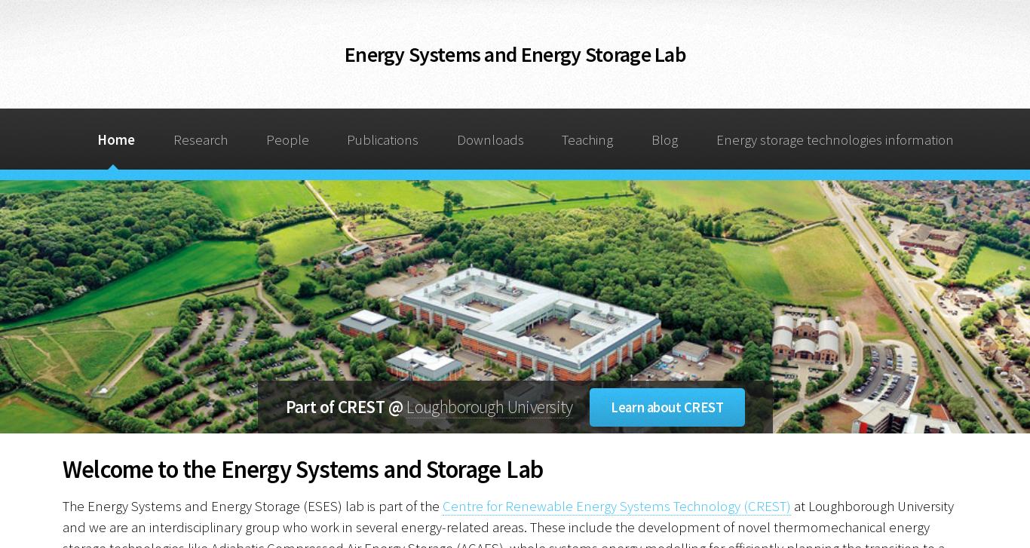 This screenshot has width=1030, height=548. What do you see at coordinates (200, 139) in the screenshot?
I see `'Research'` at bounding box center [200, 139].